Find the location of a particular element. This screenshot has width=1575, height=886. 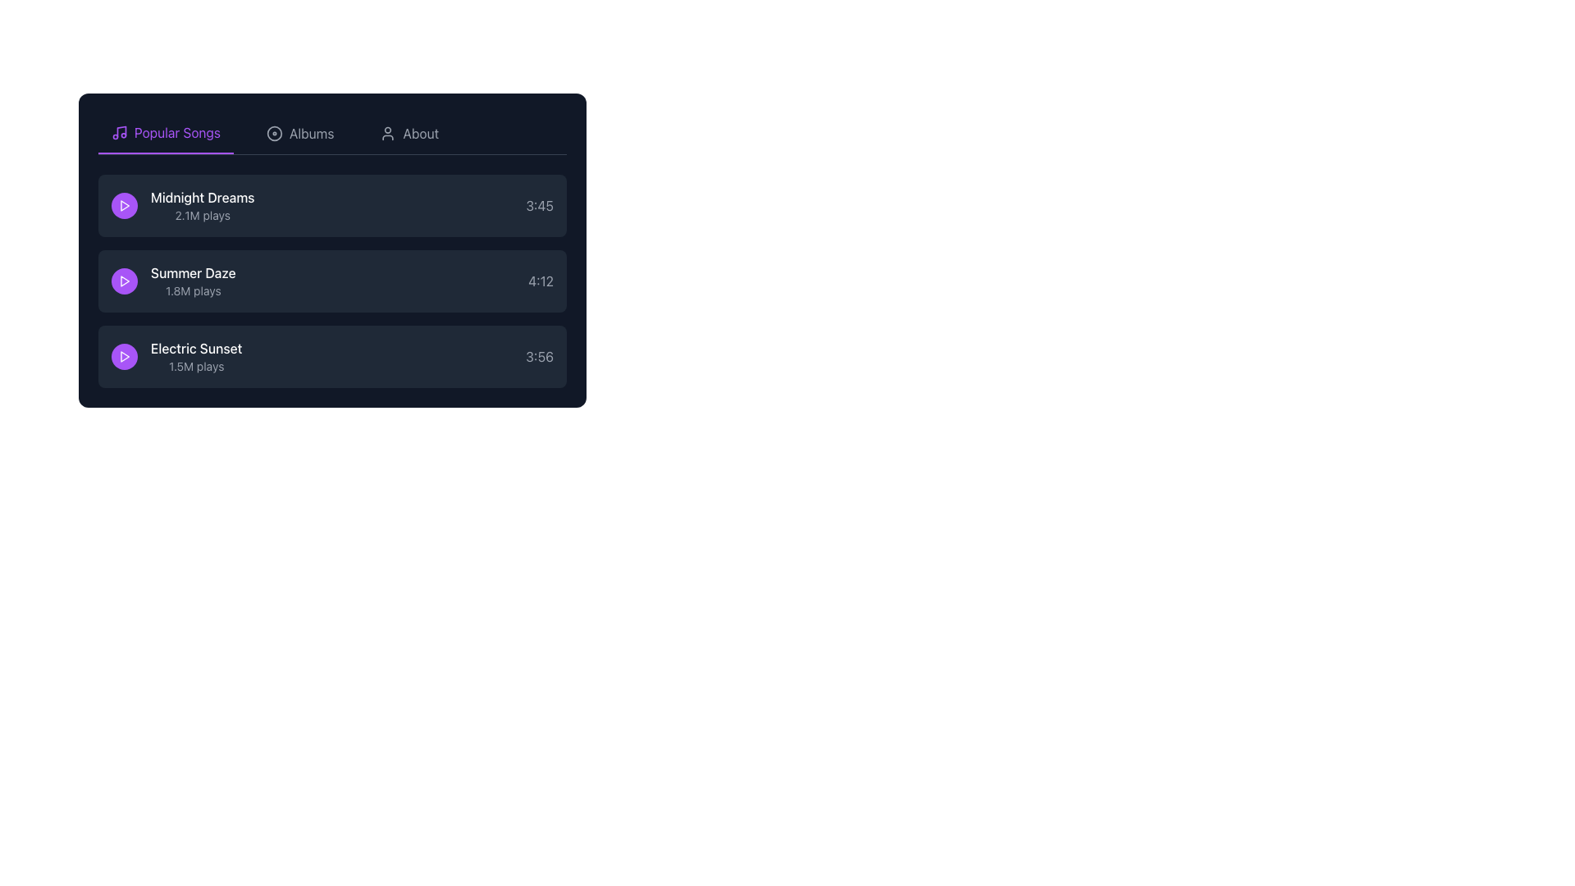

the multimedia play icon located in the first row under 'Midnight Dreams' to initiate playback is located at coordinates (124, 204).